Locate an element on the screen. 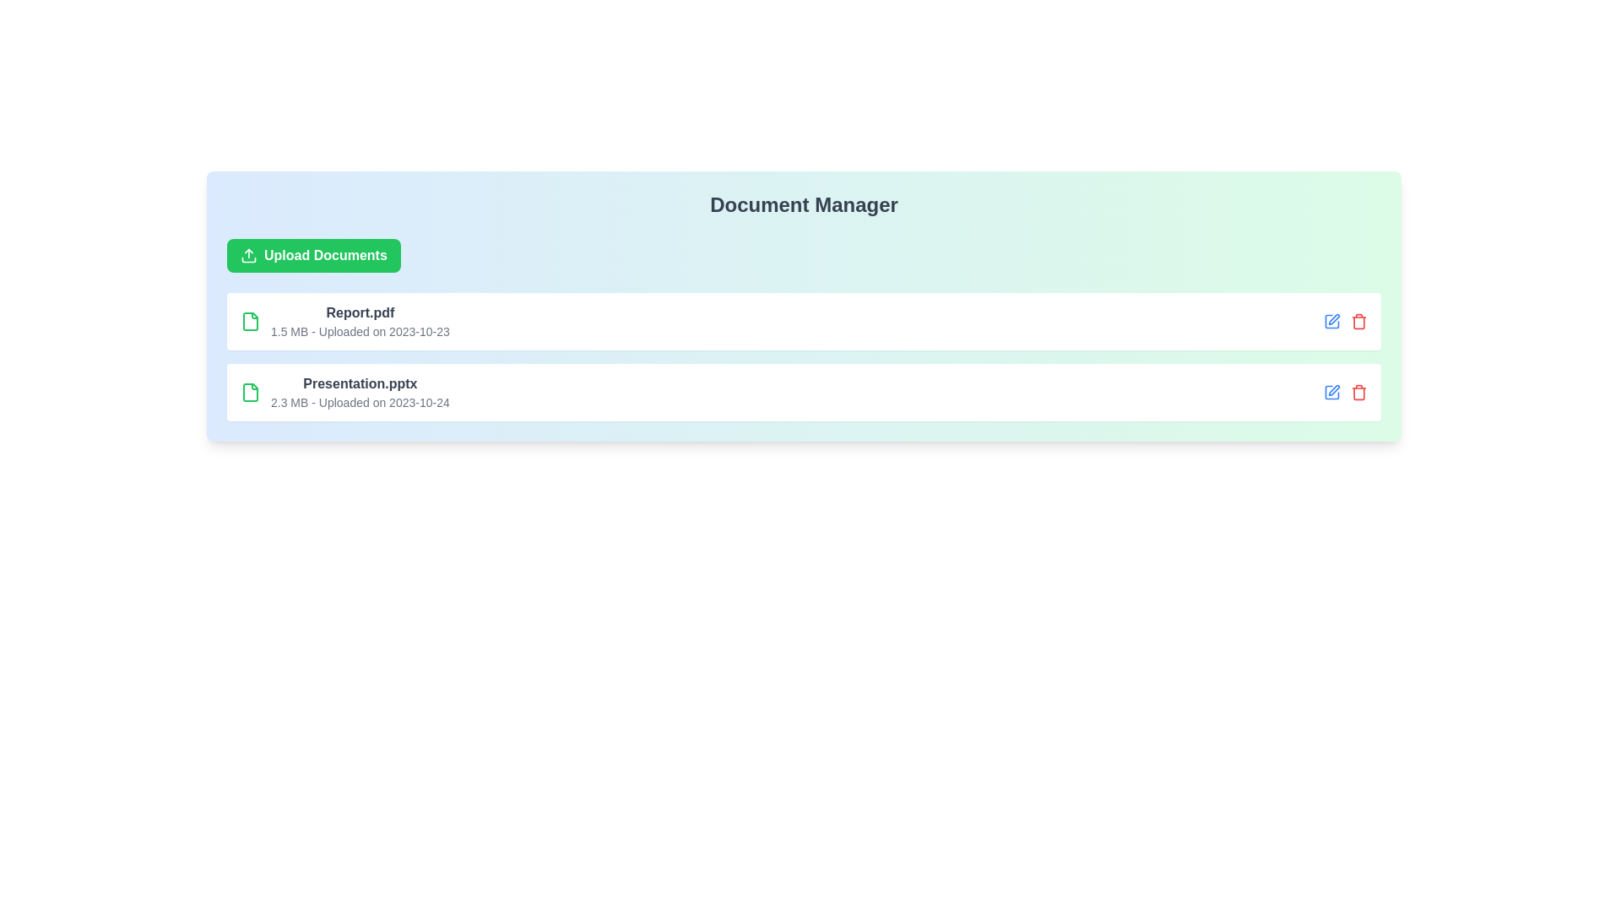  the decorative component of the upload icon located within the 'Upload Documents' button in the document manager interface is located at coordinates (247, 260).